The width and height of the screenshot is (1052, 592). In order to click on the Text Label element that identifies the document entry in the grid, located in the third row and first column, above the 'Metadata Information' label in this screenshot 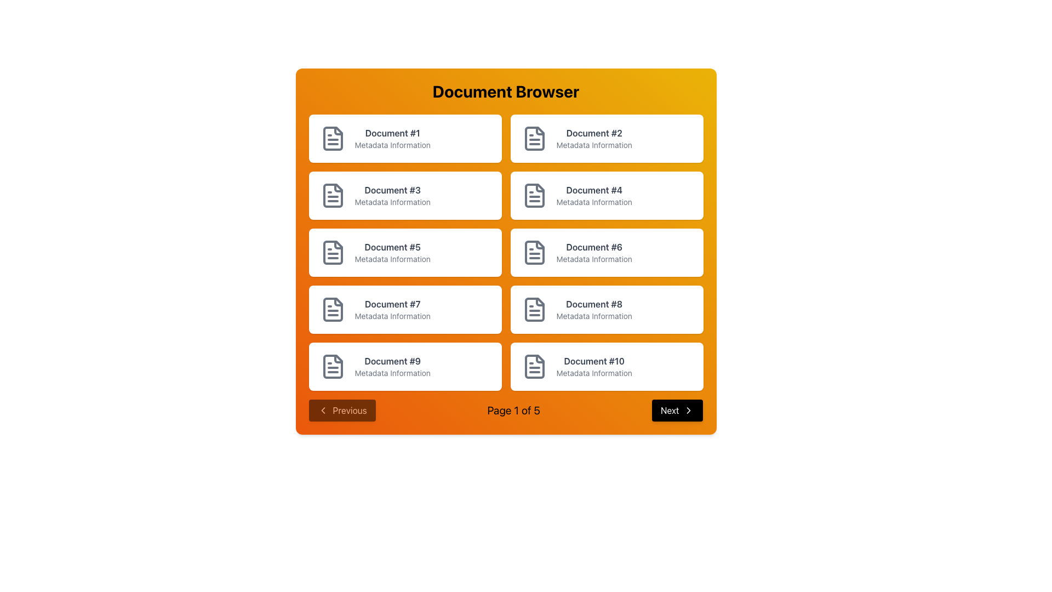, I will do `click(392, 247)`.